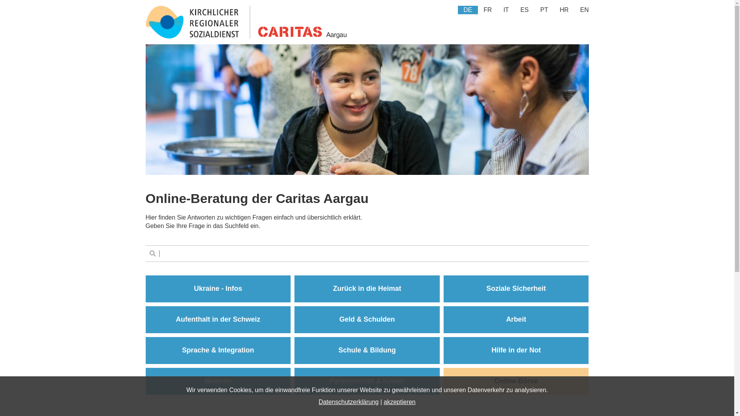 Image resolution: width=740 pixels, height=416 pixels. I want to click on 'ES', so click(514, 10).